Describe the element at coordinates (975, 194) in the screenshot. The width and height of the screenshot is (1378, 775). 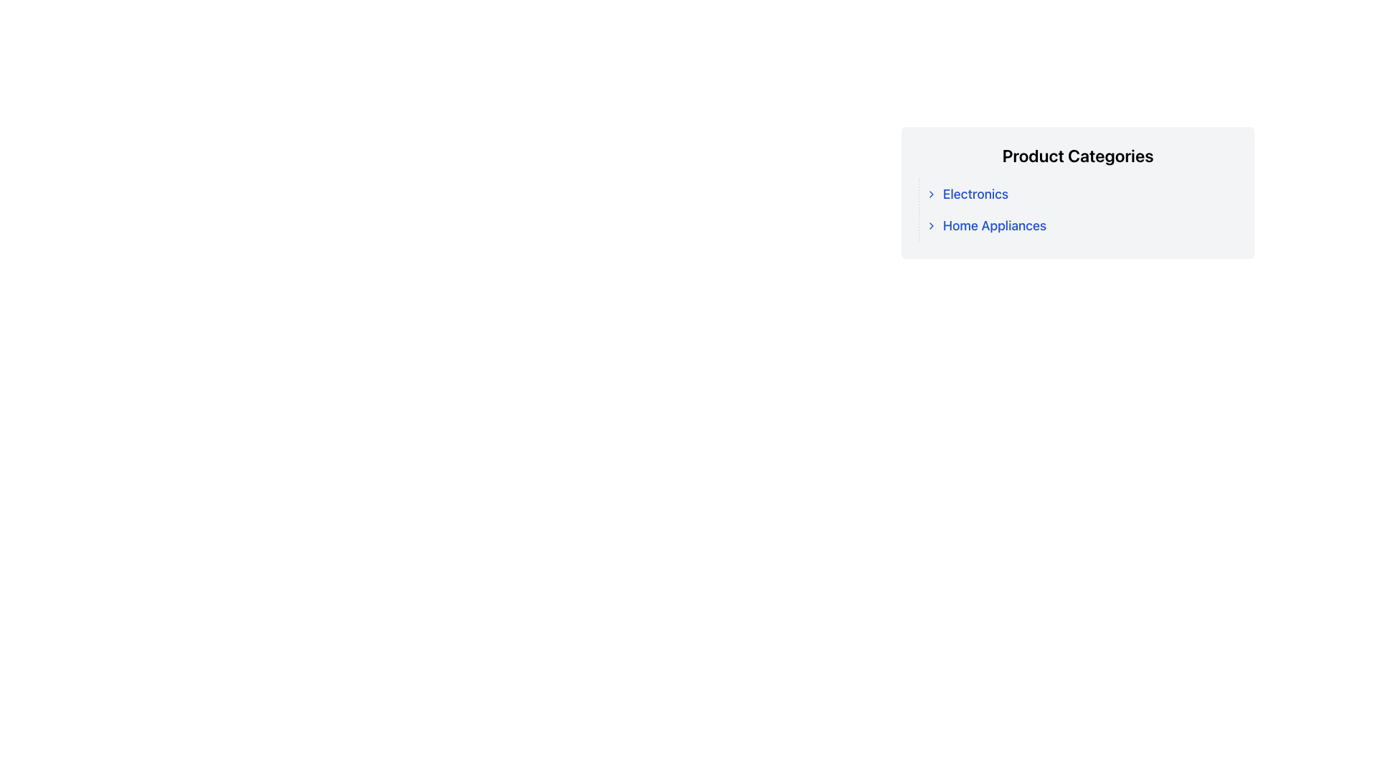
I see `the 'Electronics' category text element, which is the first text entry in the navigational list and positioned to the right of an arrow icon` at that location.